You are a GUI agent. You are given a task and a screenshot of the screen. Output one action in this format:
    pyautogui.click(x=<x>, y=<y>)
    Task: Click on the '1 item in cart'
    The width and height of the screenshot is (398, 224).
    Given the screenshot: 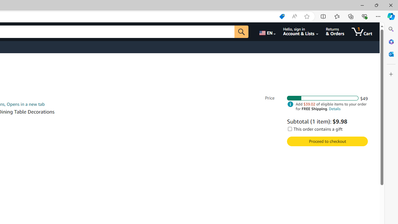 What is the action you would take?
    pyautogui.click(x=362, y=31)
    